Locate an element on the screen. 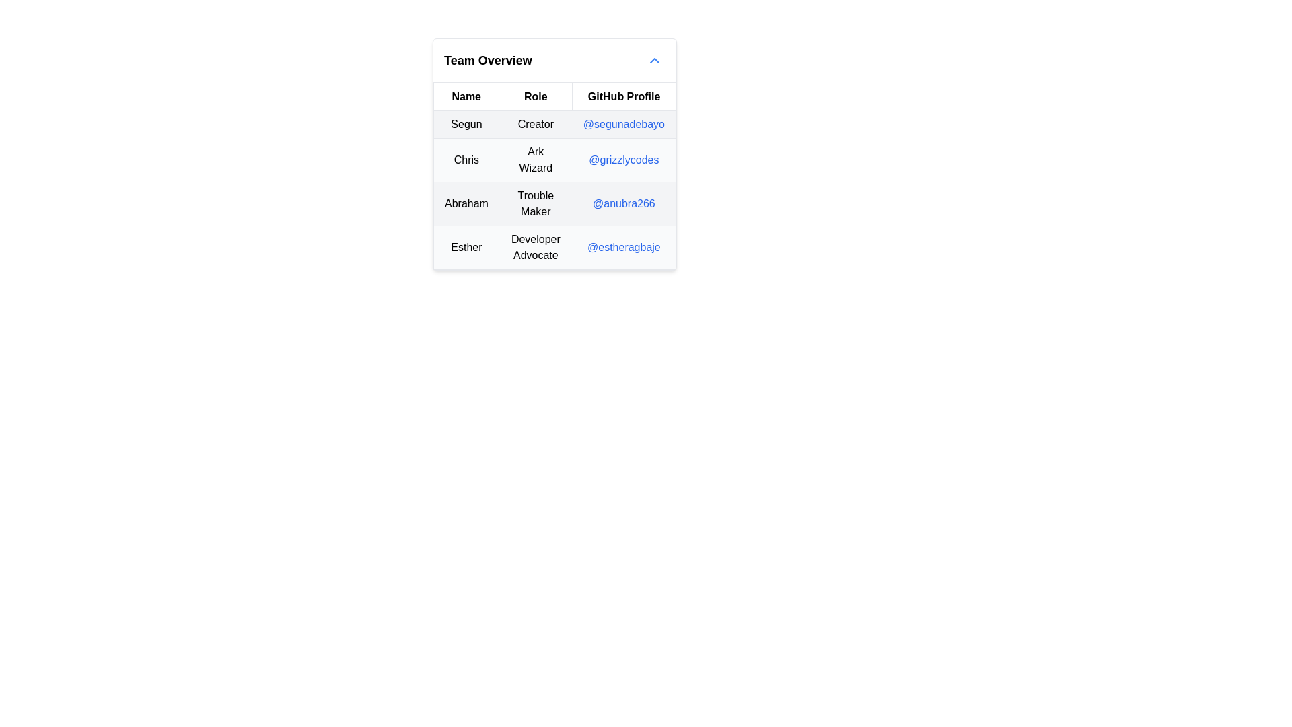 The width and height of the screenshot is (1292, 727). the 'GitHub Profile' table header, which is styled in bold font and centered within a rectangular shape, located in the third column of the header row is located at coordinates (623, 96).